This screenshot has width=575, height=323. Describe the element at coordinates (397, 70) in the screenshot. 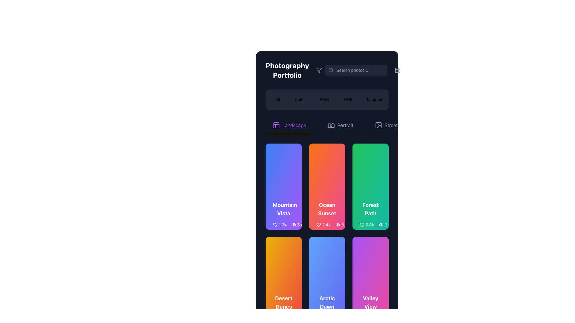

I see `the grid layout toggle icon, which is a minimalistic grid icon consisting of three by three squares within a rounded rectangle, located in the top-right corner of the application's interface, adjacent to the search bar` at that location.